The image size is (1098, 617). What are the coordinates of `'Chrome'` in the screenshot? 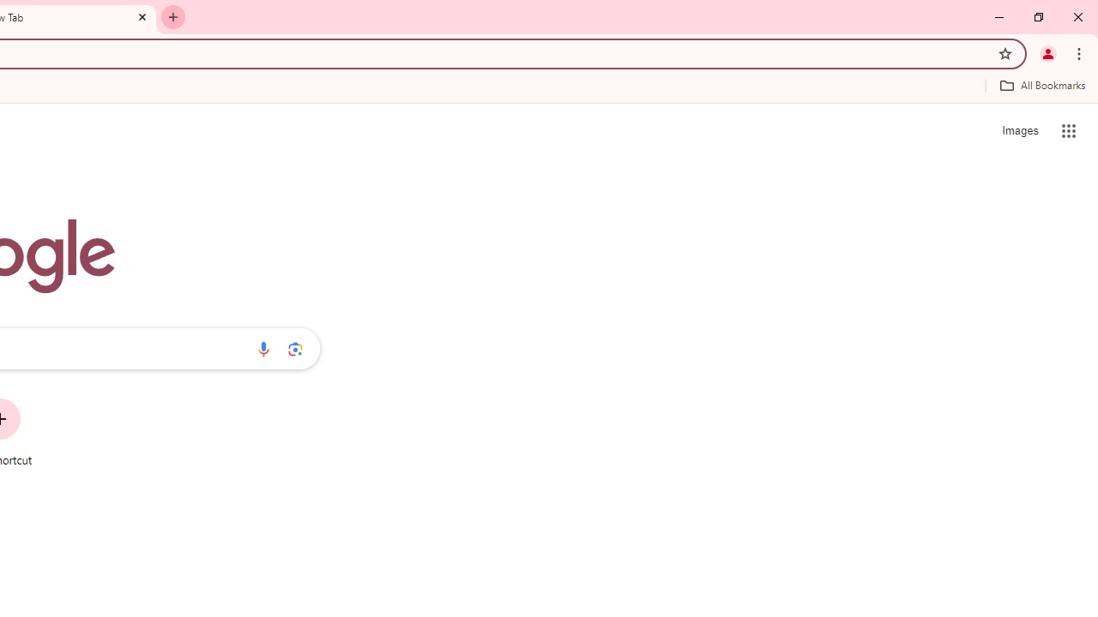 It's located at (1080, 52).